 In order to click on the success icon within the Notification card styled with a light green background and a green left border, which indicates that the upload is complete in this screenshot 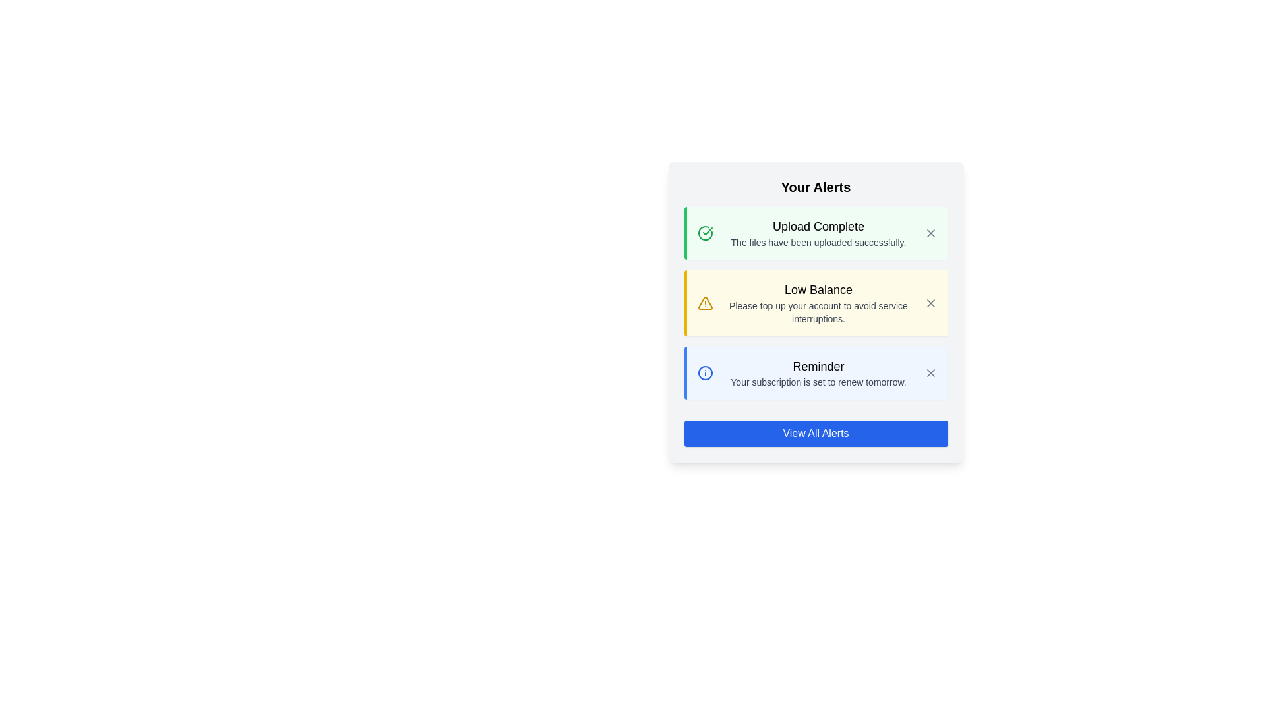, I will do `click(815, 233)`.